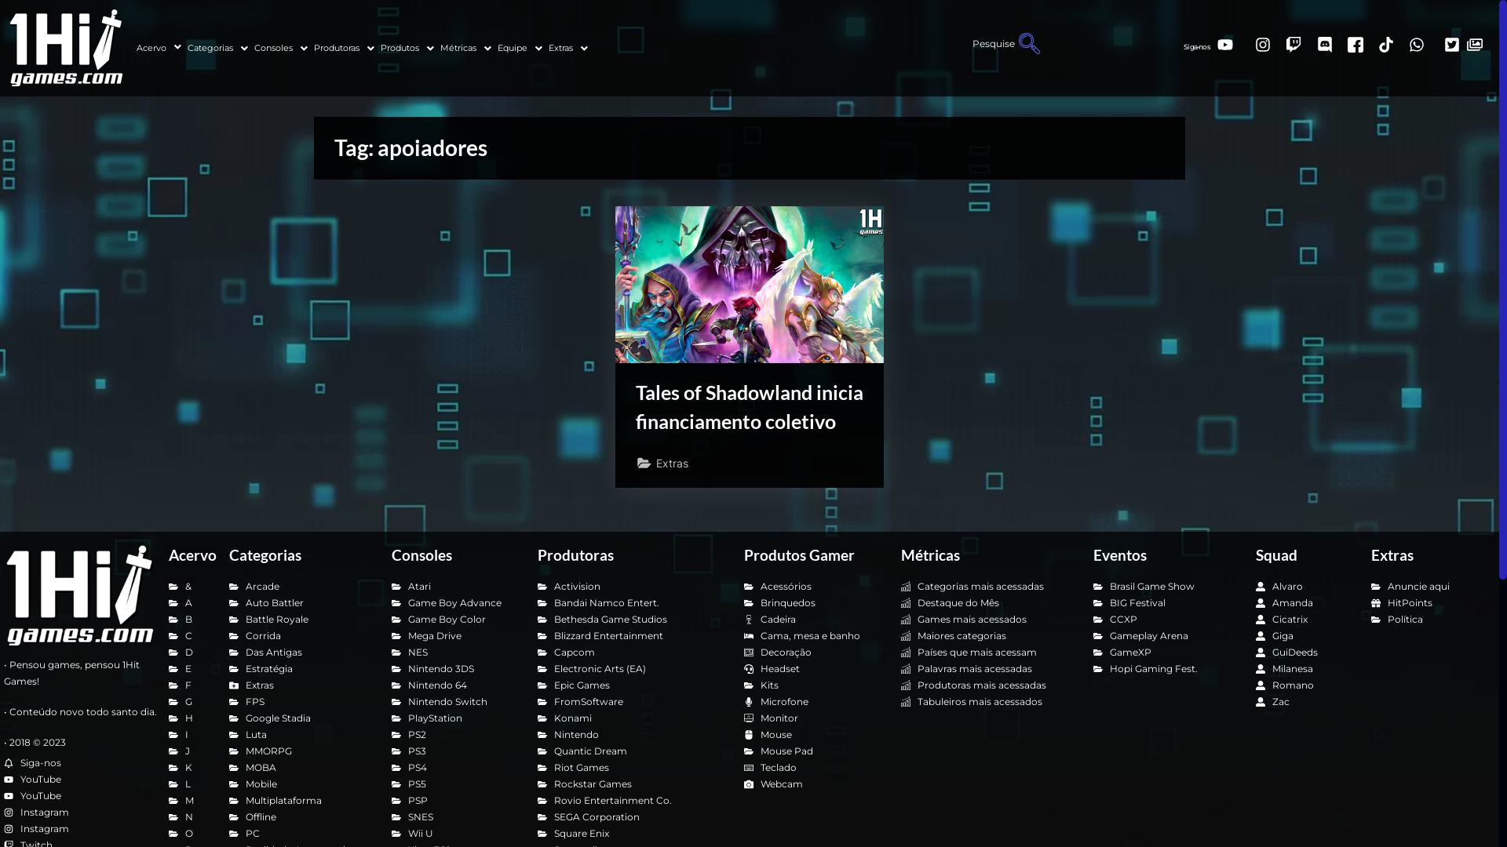 This screenshot has width=1507, height=847. Describe the element at coordinates (1305, 618) in the screenshot. I see `'Cicatrix'` at that location.